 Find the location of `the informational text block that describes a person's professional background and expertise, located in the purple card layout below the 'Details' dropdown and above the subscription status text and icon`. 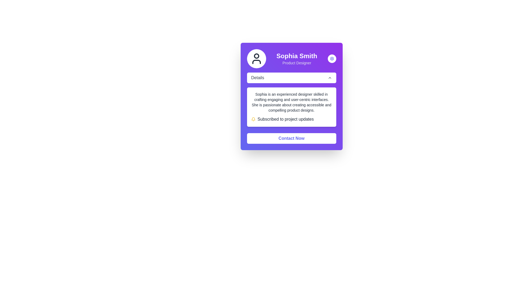

the informational text block that describes a person's professional background and expertise, located in the purple card layout below the 'Details' dropdown and above the subscription status text and icon is located at coordinates (291, 102).